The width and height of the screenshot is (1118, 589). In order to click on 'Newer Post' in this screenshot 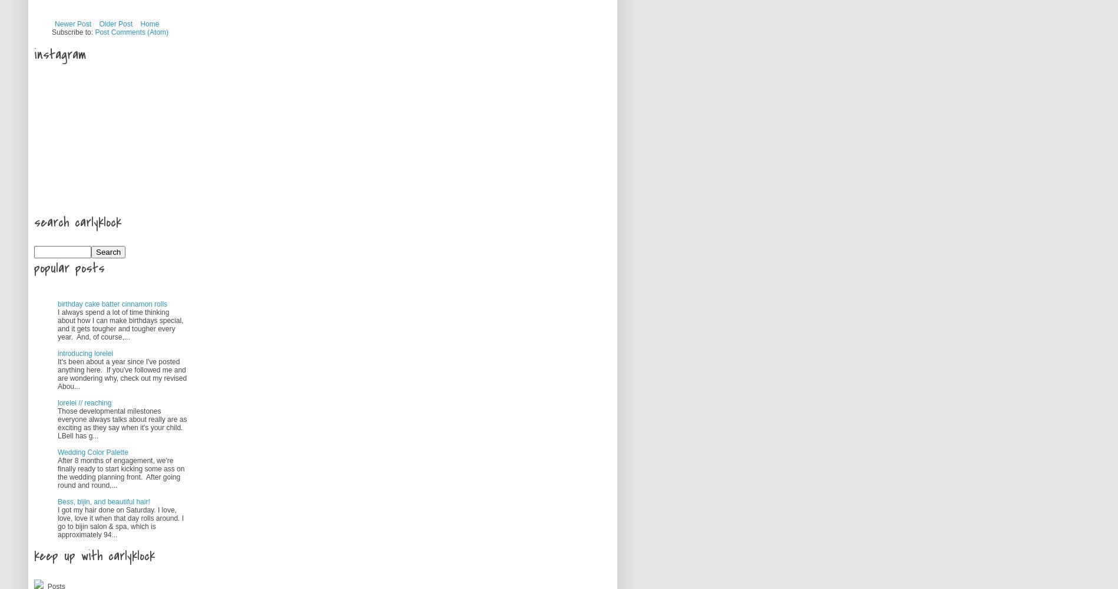, I will do `click(72, 24)`.